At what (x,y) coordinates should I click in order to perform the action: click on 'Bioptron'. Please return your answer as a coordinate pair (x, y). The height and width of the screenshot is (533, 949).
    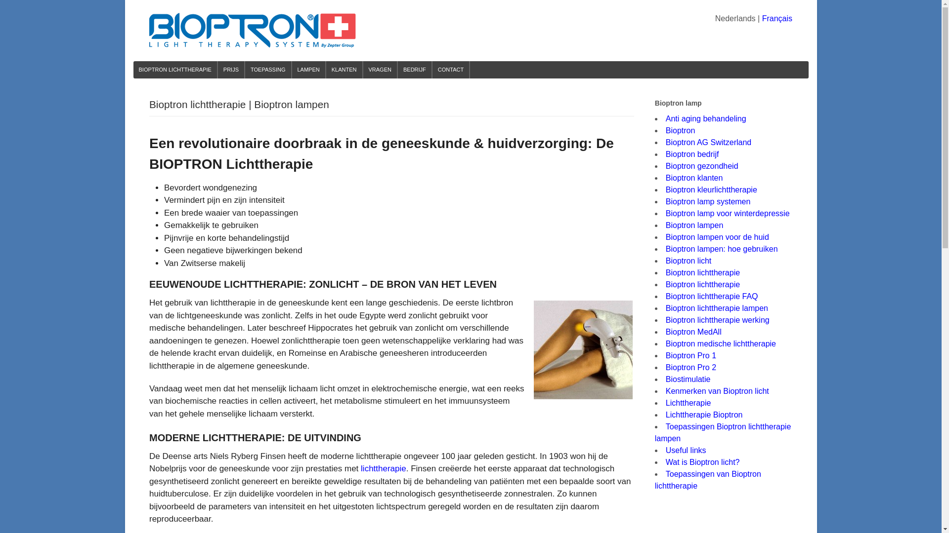
    Looking at the image, I should click on (680, 130).